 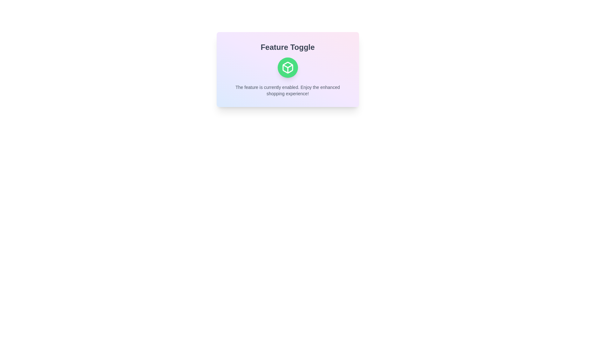 I want to click on the circular icon with a green background and a white minimalist box design, which is located under the heading 'Feature Toggle' and above a descriptive text block, so click(x=287, y=70).